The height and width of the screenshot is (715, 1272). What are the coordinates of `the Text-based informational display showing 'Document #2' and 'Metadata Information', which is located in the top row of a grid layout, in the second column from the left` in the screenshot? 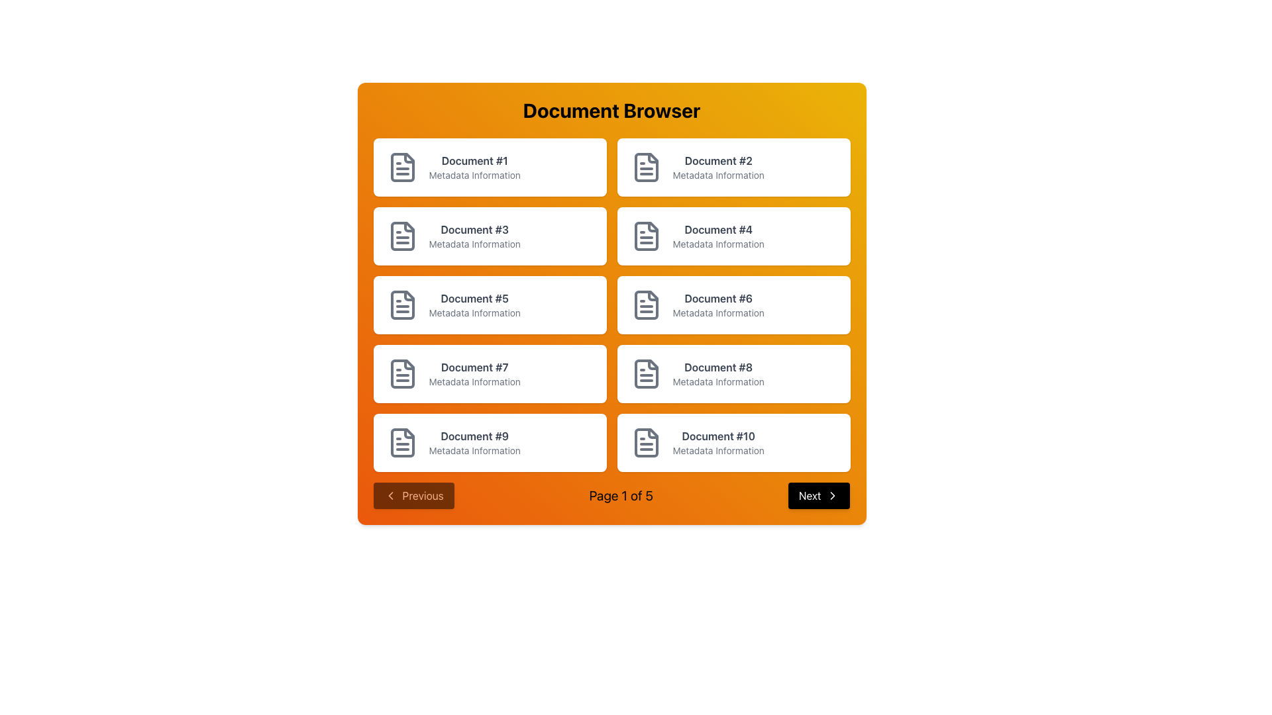 It's located at (717, 167).